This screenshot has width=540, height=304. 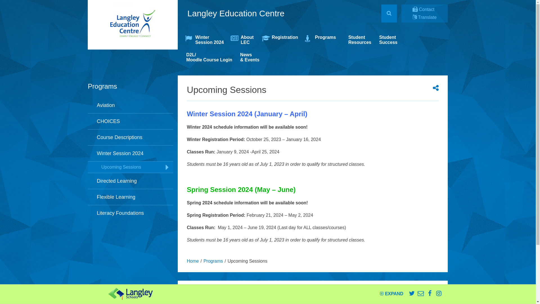 What do you see at coordinates (344, 40) in the screenshot?
I see `'Student` at bounding box center [344, 40].